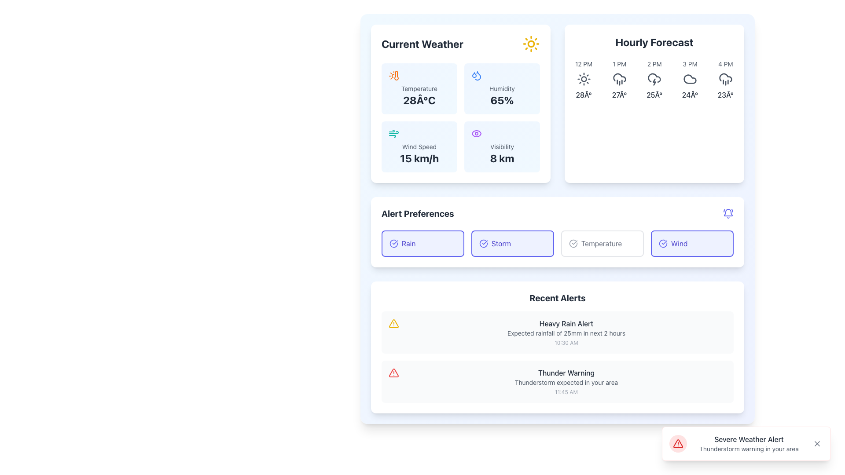  Describe the element at coordinates (602, 244) in the screenshot. I see `the Selectable button labeled 'Temperature' with a checkmark icon` at that location.